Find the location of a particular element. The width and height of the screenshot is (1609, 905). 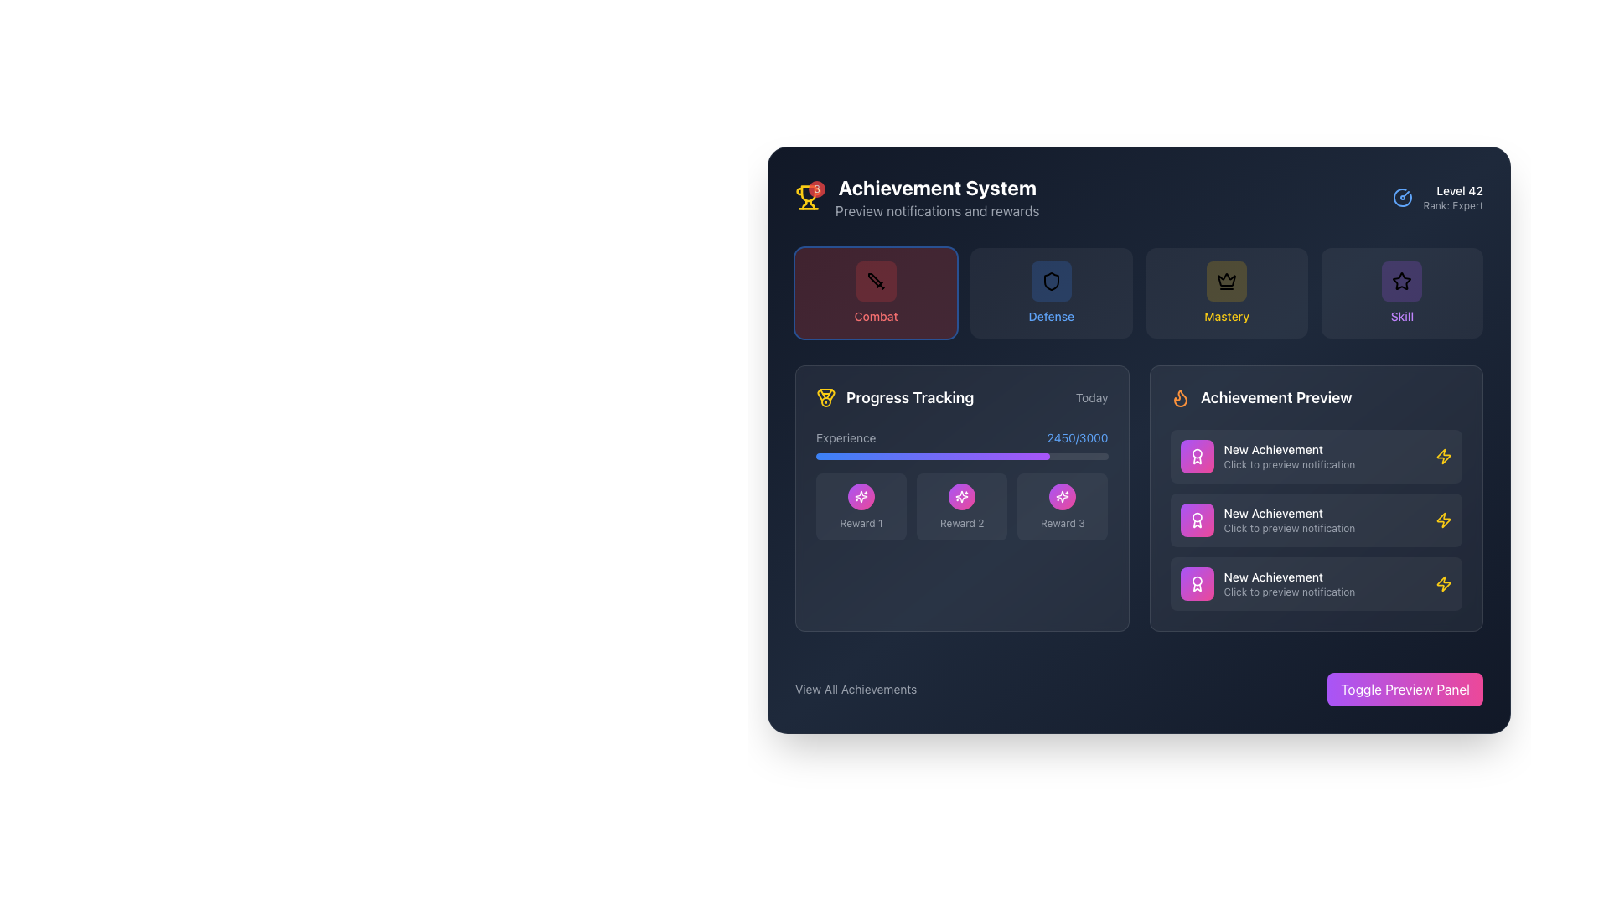

the starburst-shaped reward icon located above the label 'Reward 2', which is the middle icon in a trio of reward icons is located at coordinates (861, 496).